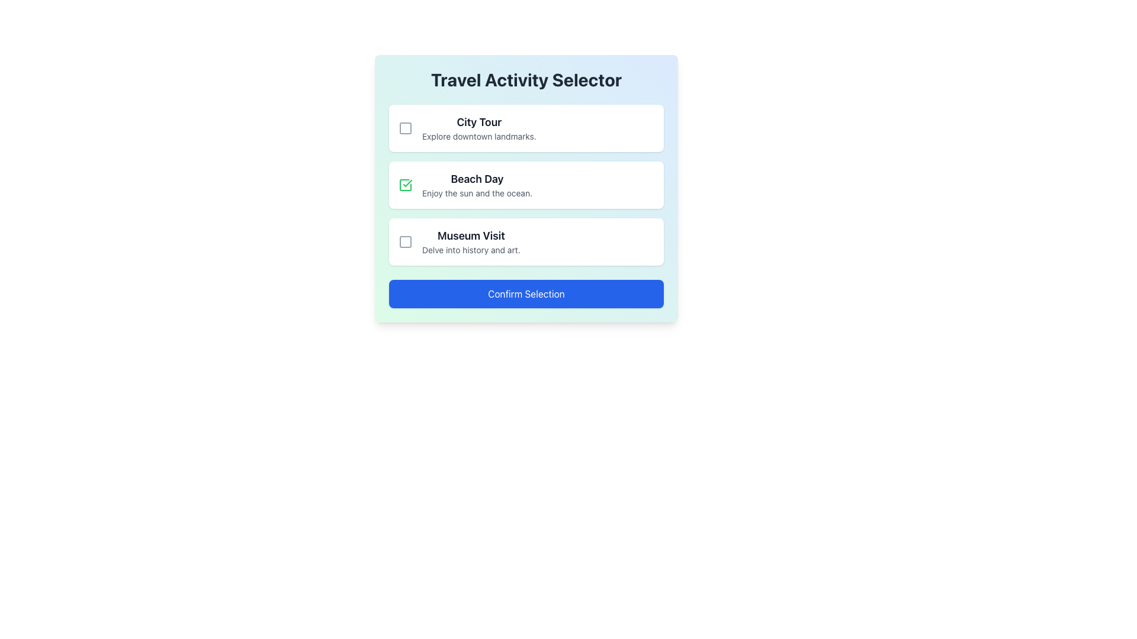 This screenshot has width=1137, height=639. Describe the element at coordinates (479, 128) in the screenshot. I see `the text block that serves as the title and description for the 'City Tour' option, located in the first card of the vertical list of activity choices` at that location.